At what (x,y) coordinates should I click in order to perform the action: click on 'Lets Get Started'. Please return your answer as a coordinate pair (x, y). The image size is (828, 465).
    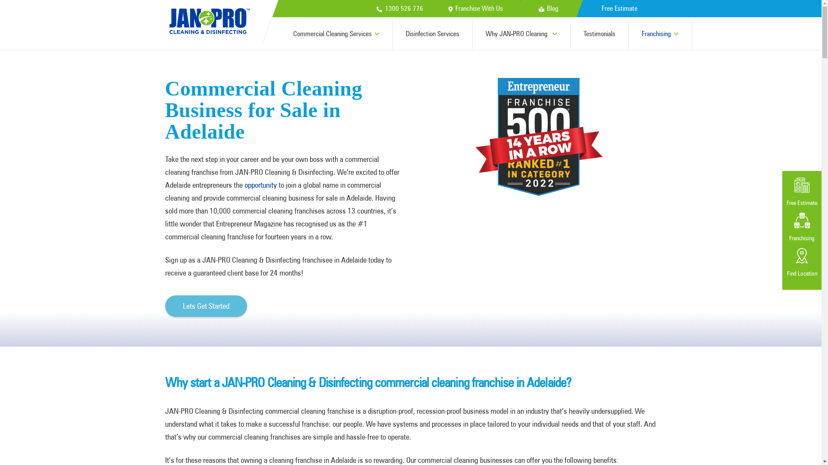
    Looking at the image, I should click on (165, 305).